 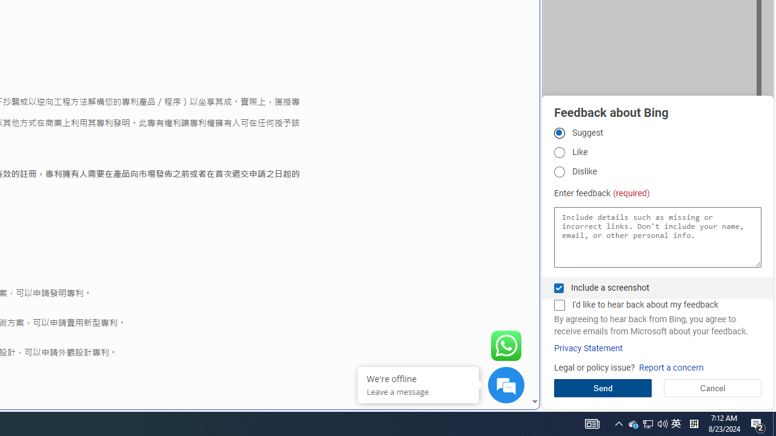 I want to click on 'Include a screenshot', so click(x=558, y=288).